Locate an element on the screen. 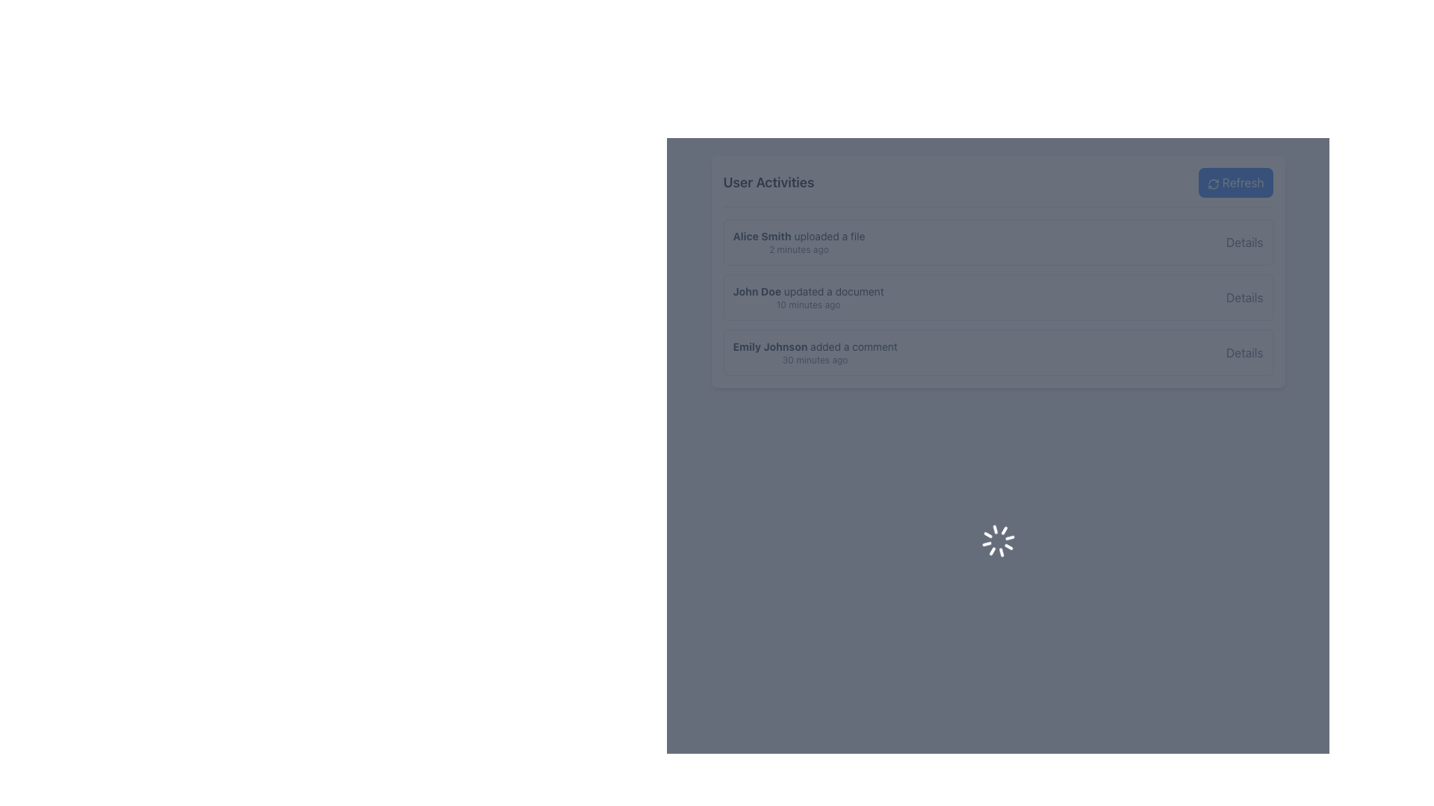 This screenshot has height=806, width=1434. the 'Details' text link on the right side of the notification entry for Alice Smith is located at coordinates (1244, 241).